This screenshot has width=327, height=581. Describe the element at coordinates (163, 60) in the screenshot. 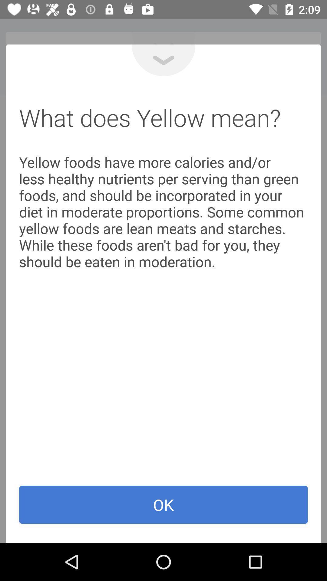

I see `the expand_more icon` at that location.